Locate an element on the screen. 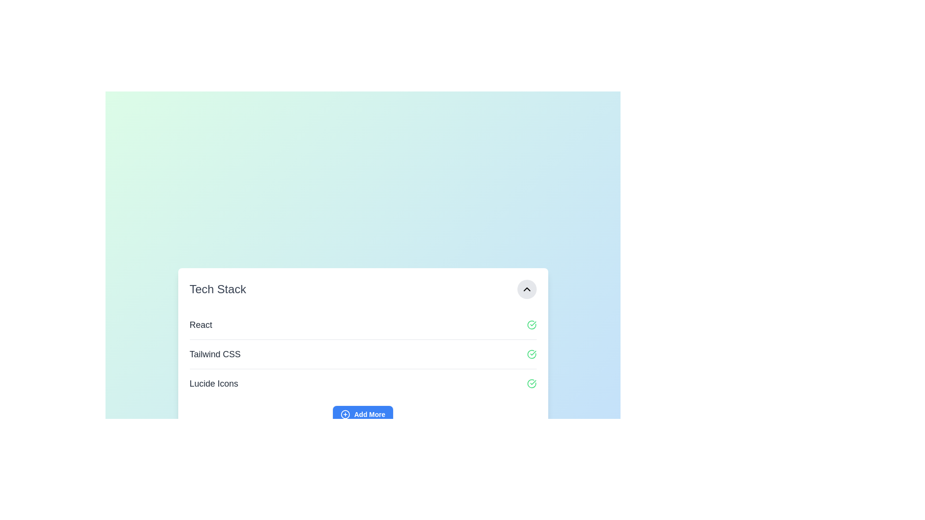 Image resolution: width=925 pixels, height=520 pixels. the black upward-pointing chevron icon located in the top-right corner of the 'Tech Stack' section is located at coordinates (526, 289).